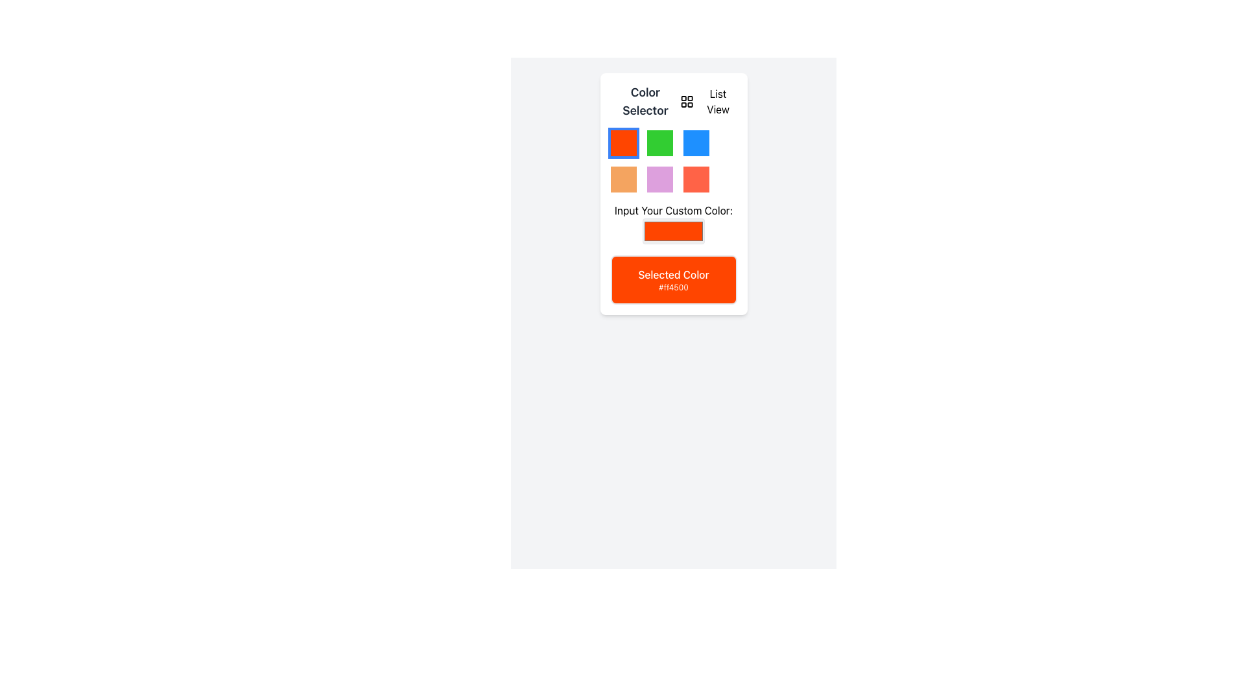 This screenshot has width=1245, height=700. Describe the element at coordinates (673, 286) in the screenshot. I see `the static text displaying '#ff4500' in white on an orange background, located beneath the 'Selected Color' label` at that location.